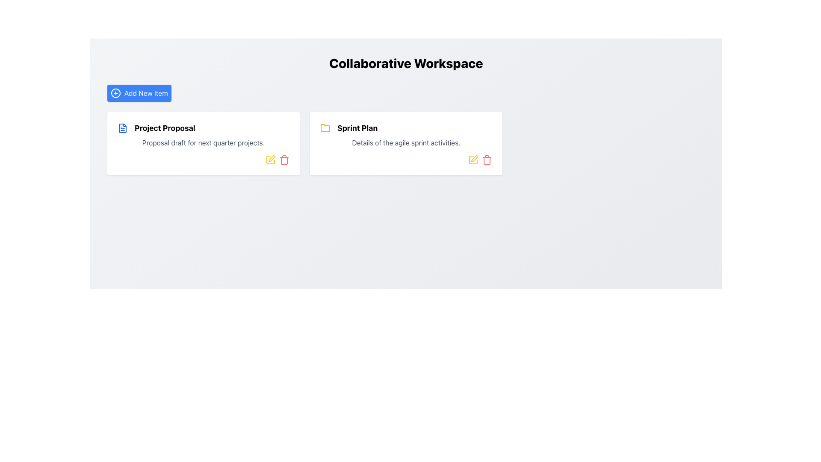  I want to click on the Text Label that provides a summary for the 'Sprint Plan' section, located directly below the 'Sprint Plan' title in the right central card, so click(406, 142).